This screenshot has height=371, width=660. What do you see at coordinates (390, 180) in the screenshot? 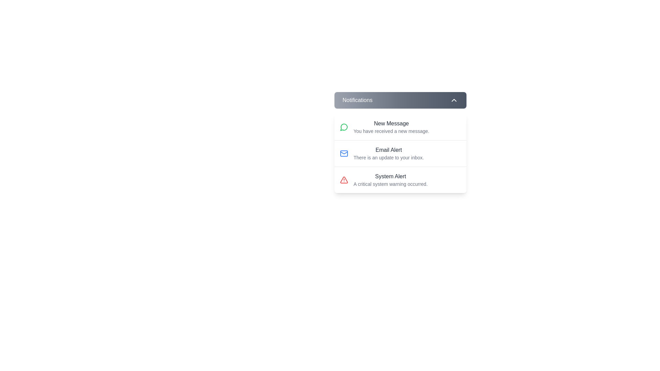
I see `textual alert about a critical system warning located in the notification panel, which is the third entry under 'New Message' and 'Email Alert', marked by a red triangular alert icon` at bounding box center [390, 180].